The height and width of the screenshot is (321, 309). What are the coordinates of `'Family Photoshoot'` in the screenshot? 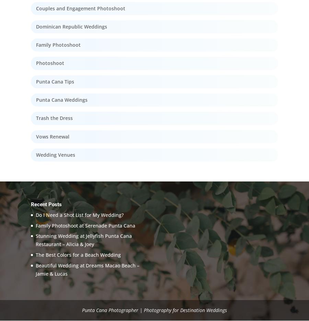 It's located at (58, 45).